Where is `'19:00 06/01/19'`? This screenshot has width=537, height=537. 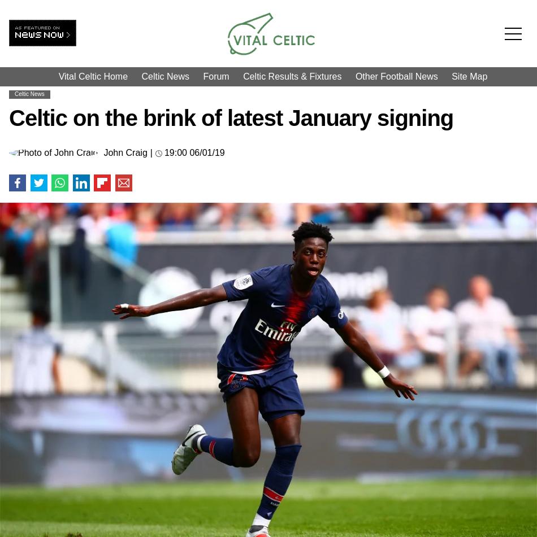
'19:00 06/01/19' is located at coordinates (163, 152).